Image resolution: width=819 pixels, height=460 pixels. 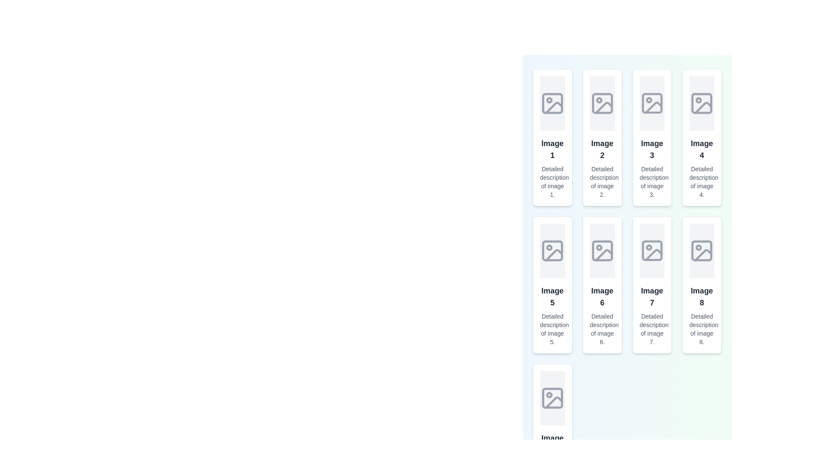 What do you see at coordinates (703, 107) in the screenshot?
I see `the triangular-shaped icon in the bottom-right area of the fourth tile in the top row of the grid layout, which resembles a mountain or roof` at bounding box center [703, 107].